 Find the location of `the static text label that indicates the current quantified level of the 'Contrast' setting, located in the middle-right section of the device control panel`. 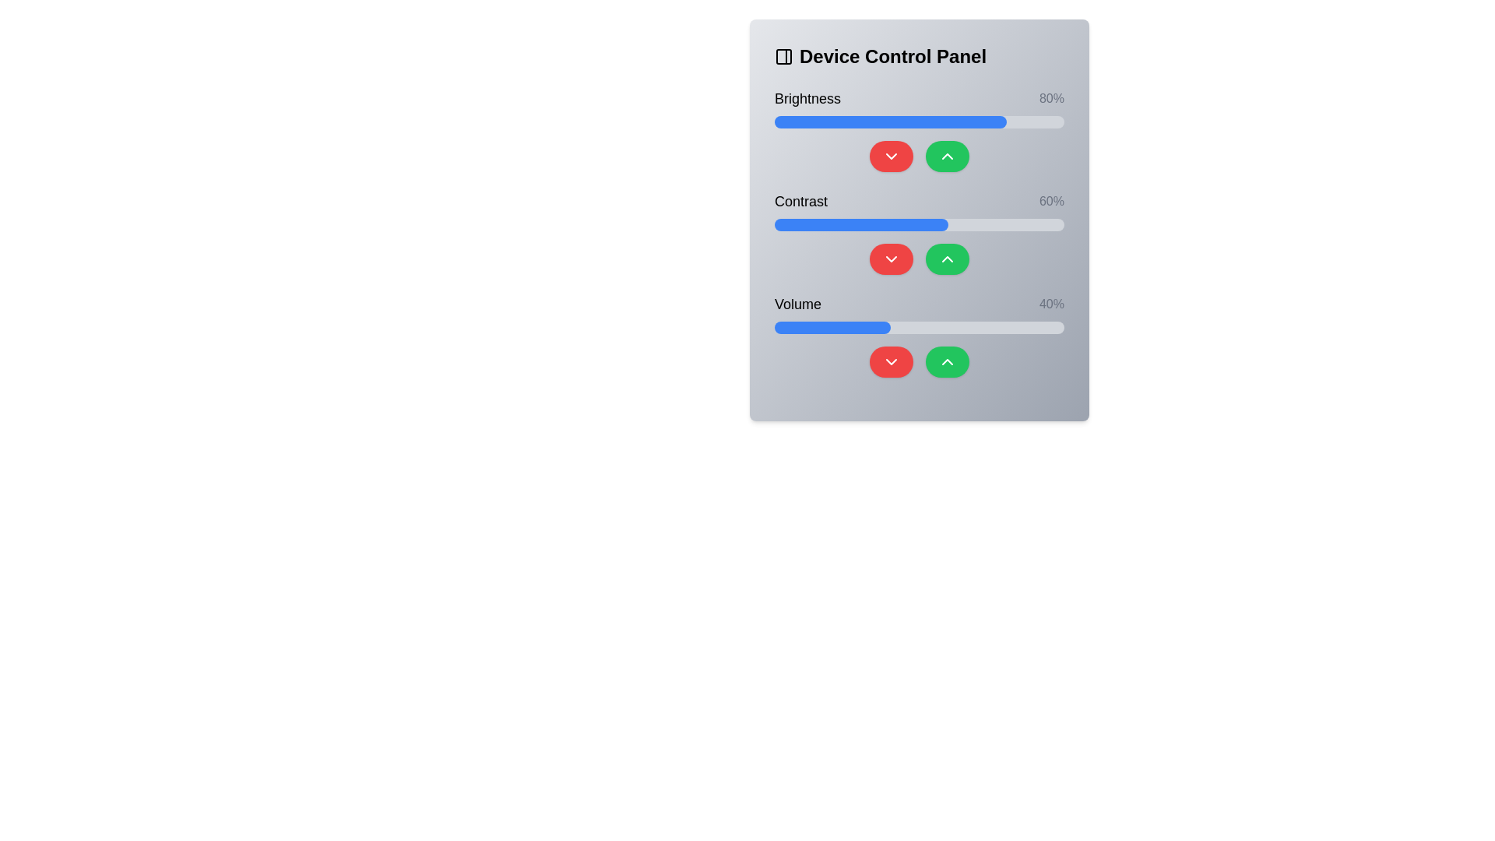

the static text label that indicates the current quantified level of the 'Contrast' setting, located in the middle-right section of the device control panel is located at coordinates (1051, 200).